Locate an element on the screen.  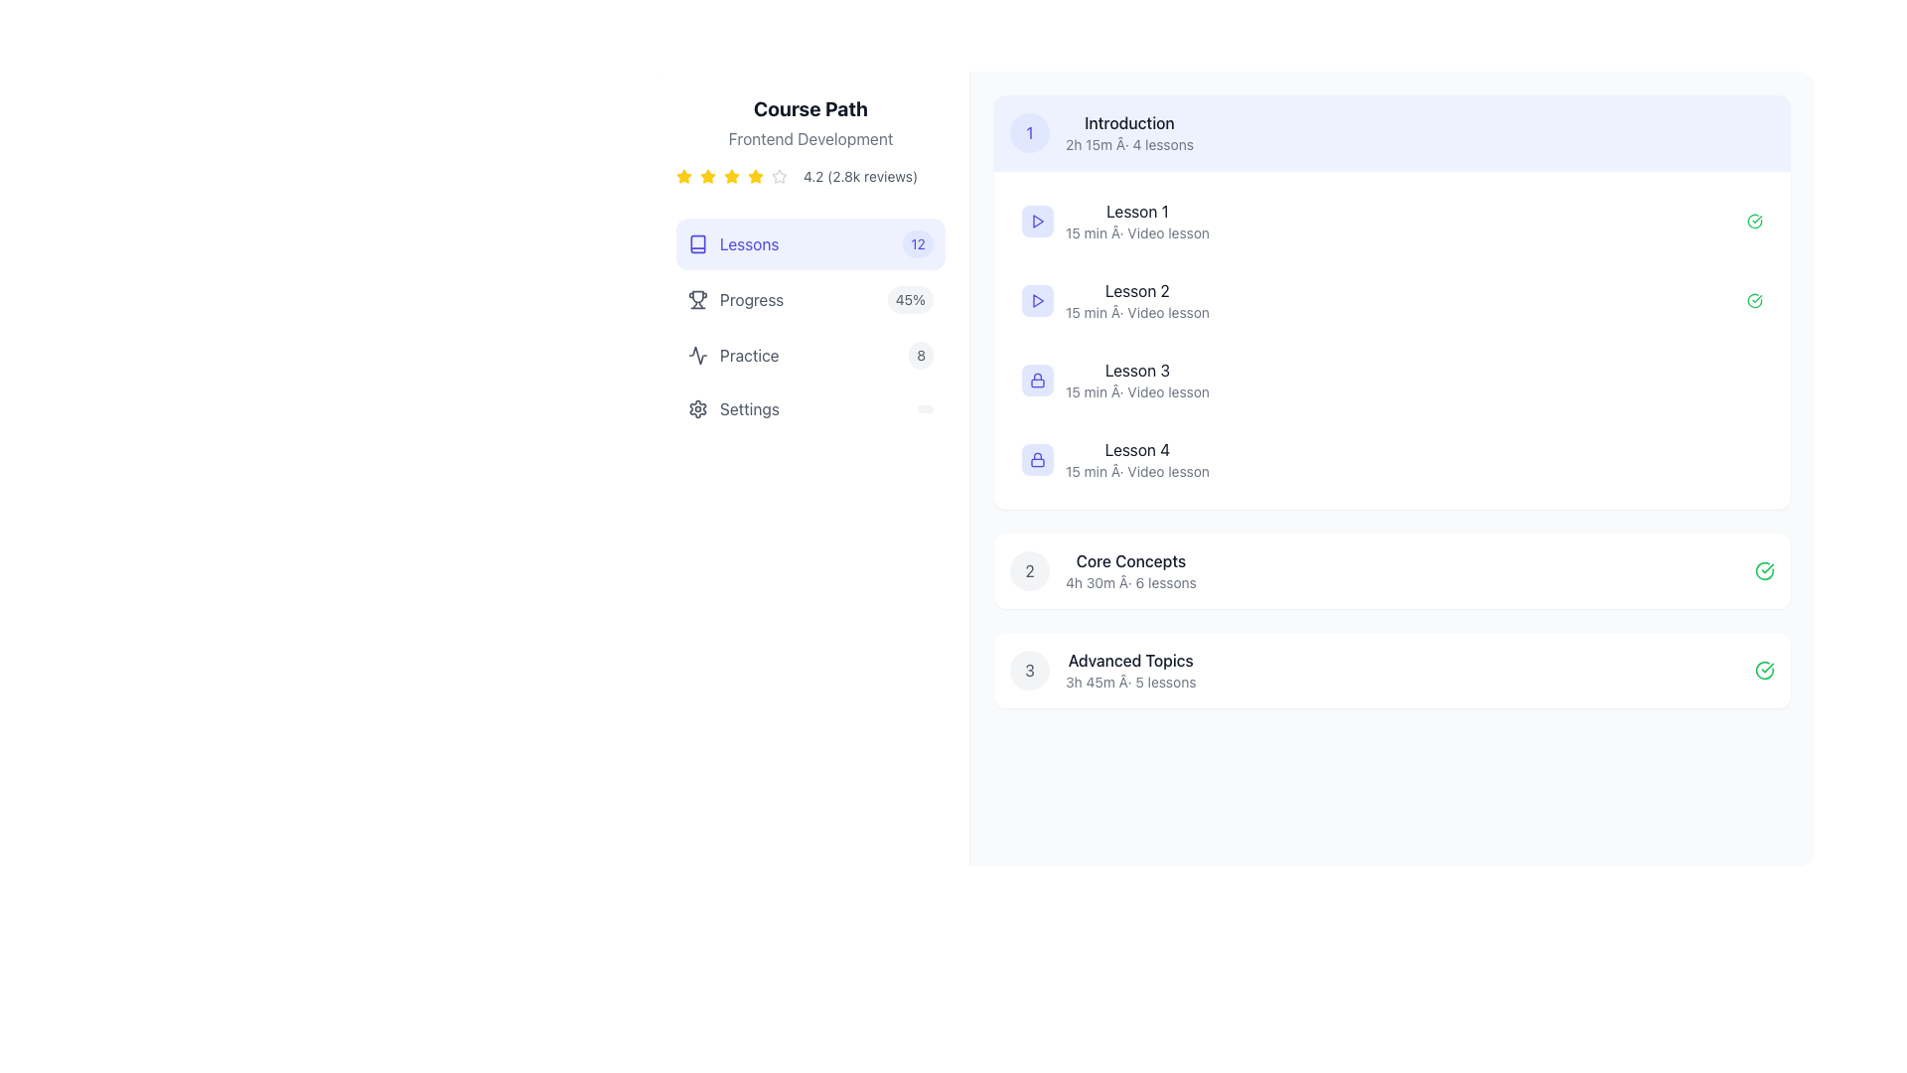
the 'Progress' menu item in the left-hand side navigation menu, which features a trophy icon and the text 'Progress' is located at coordinates (735, 299).